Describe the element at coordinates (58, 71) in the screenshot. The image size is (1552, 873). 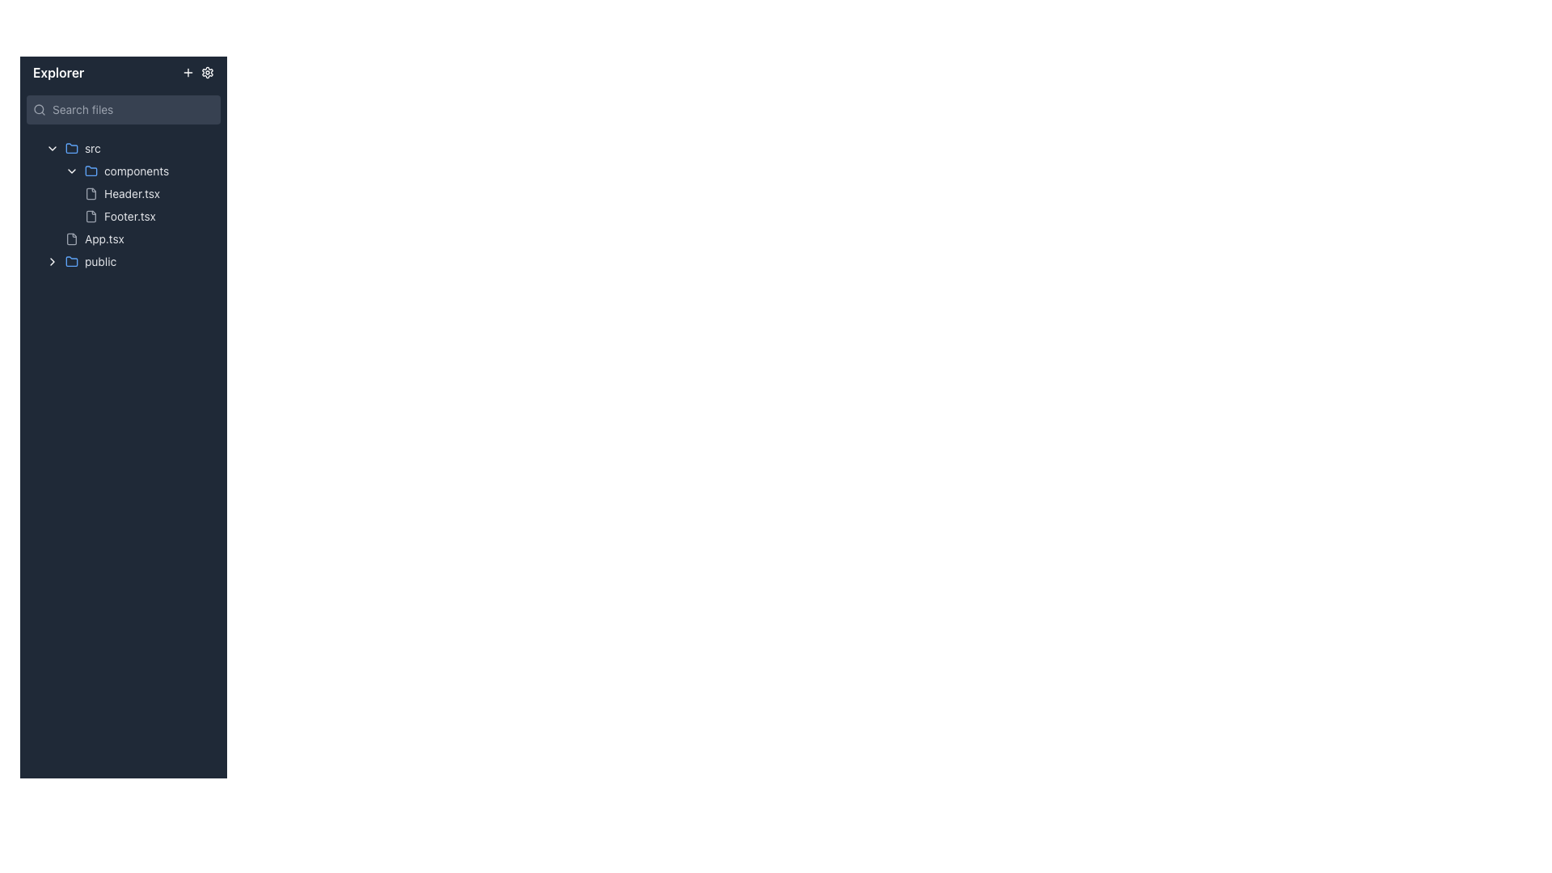
I see `the Text label that serves as a section title in the Explorer application, located in the top-left section of the interface` at that location.